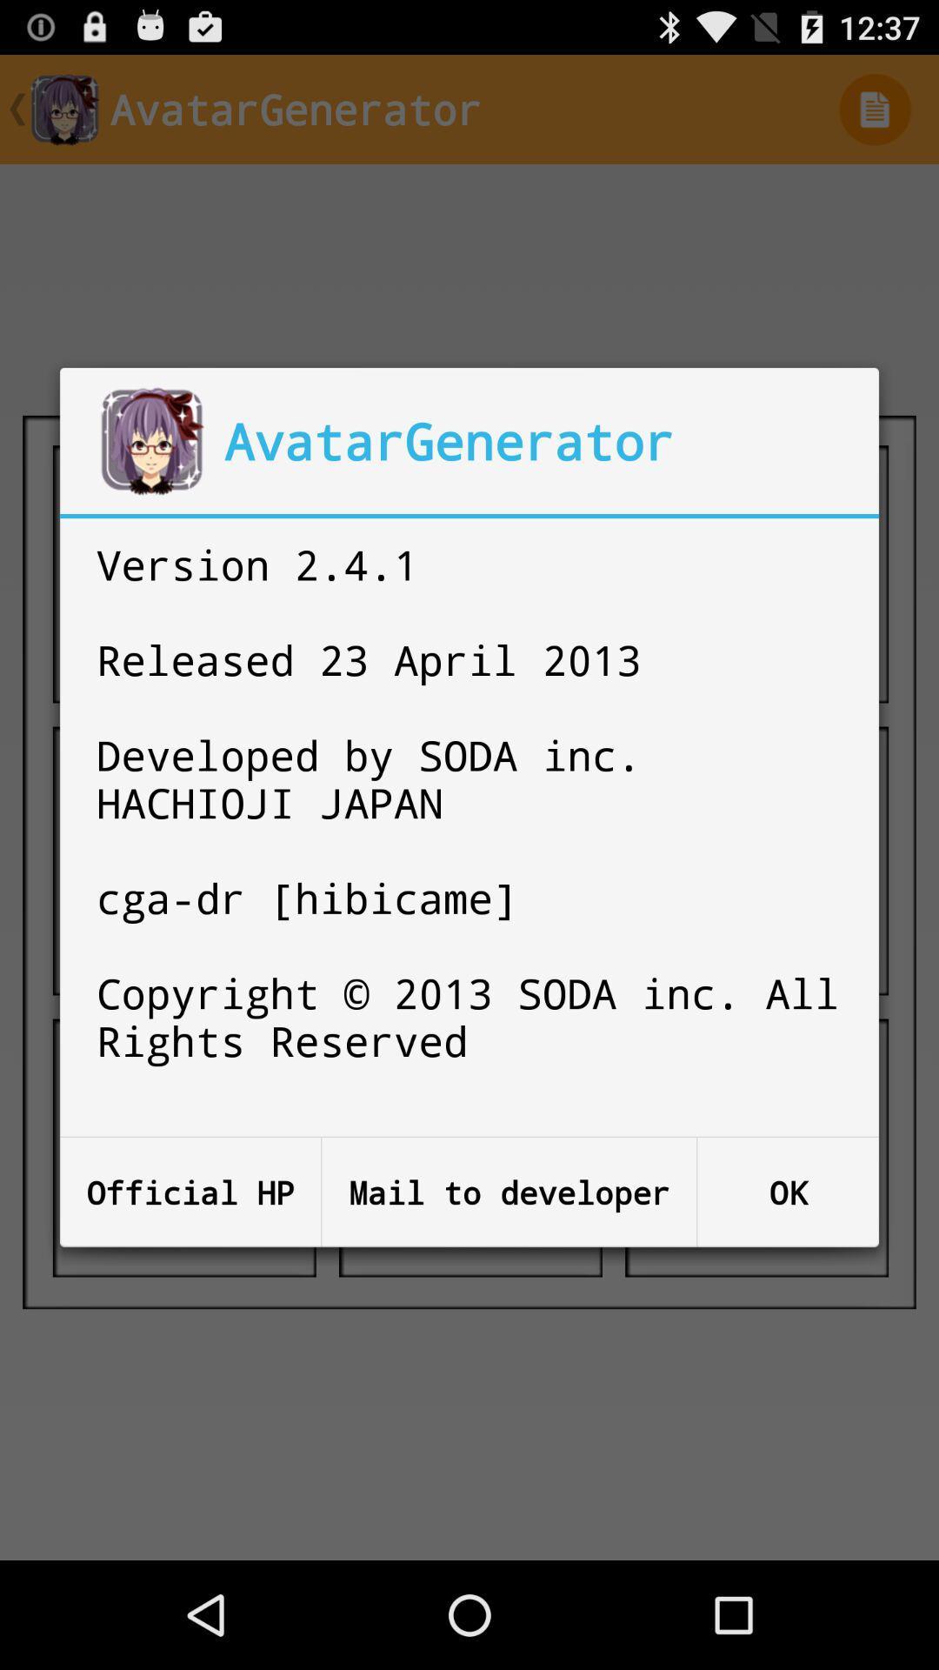 The width and height of the screenshot is (939, 1670). I want to click on icon at the bottom left corner, so click(190, 1192).